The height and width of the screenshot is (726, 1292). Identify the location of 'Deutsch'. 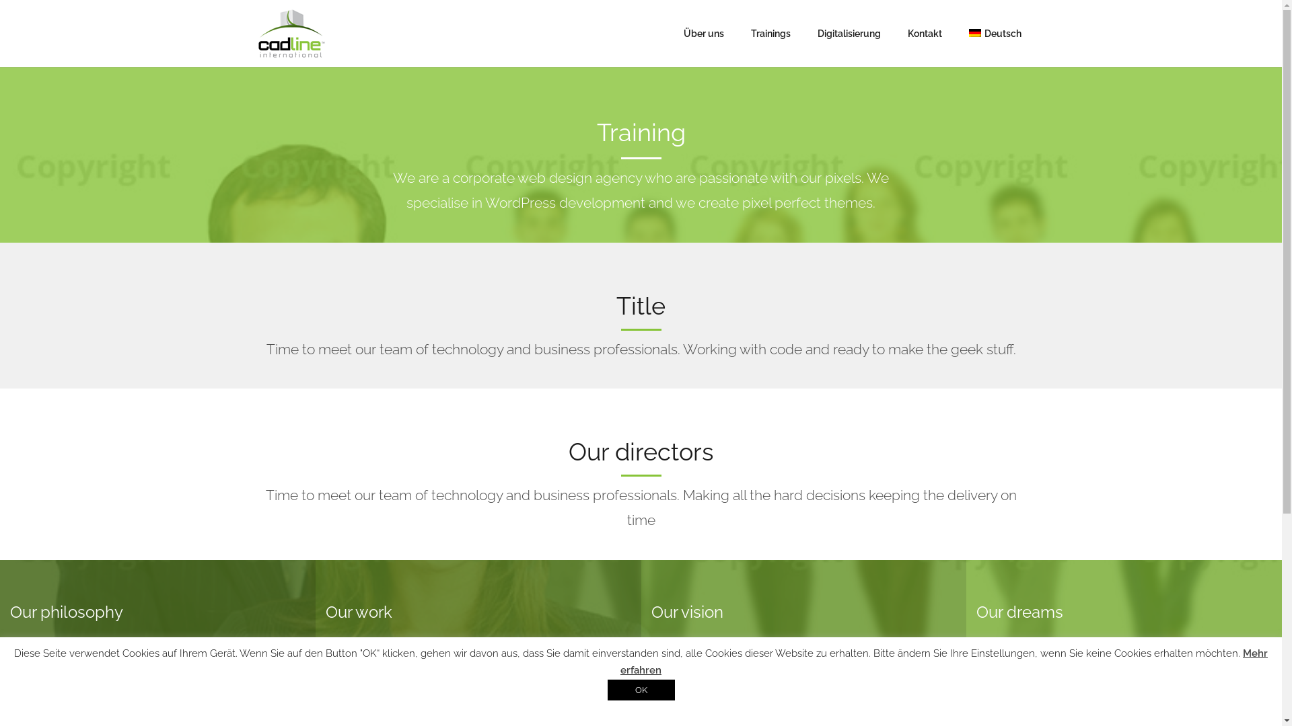
(995, 33).